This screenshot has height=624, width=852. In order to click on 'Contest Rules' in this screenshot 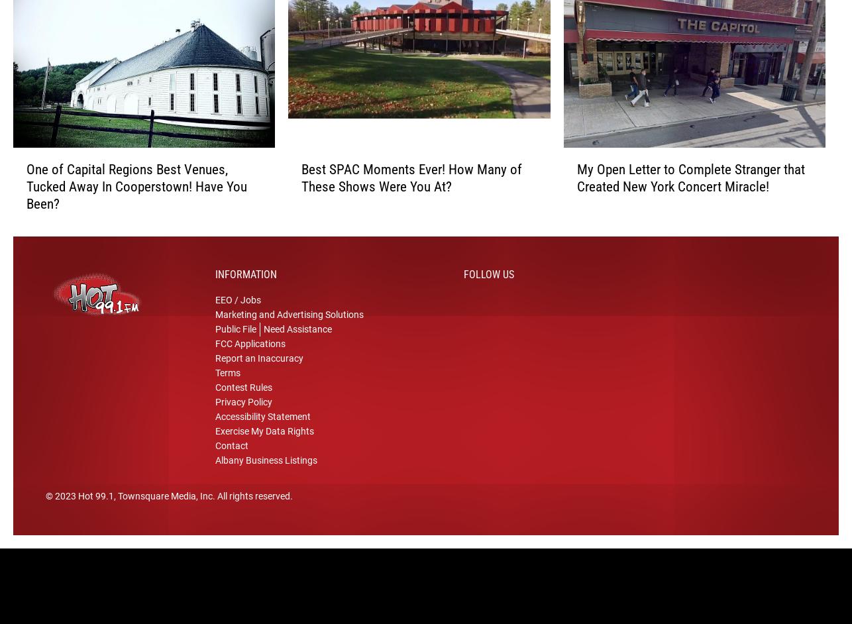, I will do `click(214, 404)`.